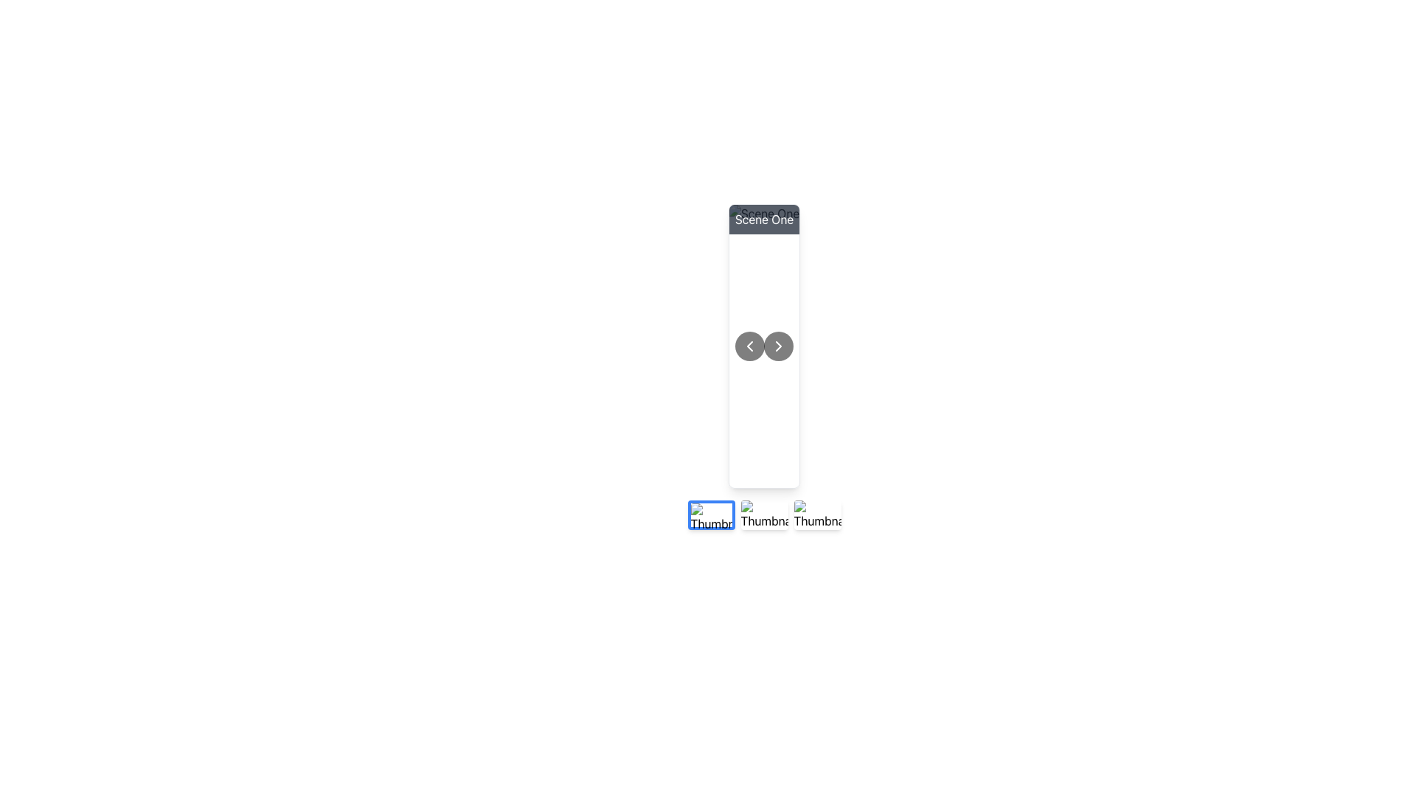  I want to click on the Chevron Right icon located at the center of the right circular navigation button under the header labeled 'Scene One', so click(778, 346).